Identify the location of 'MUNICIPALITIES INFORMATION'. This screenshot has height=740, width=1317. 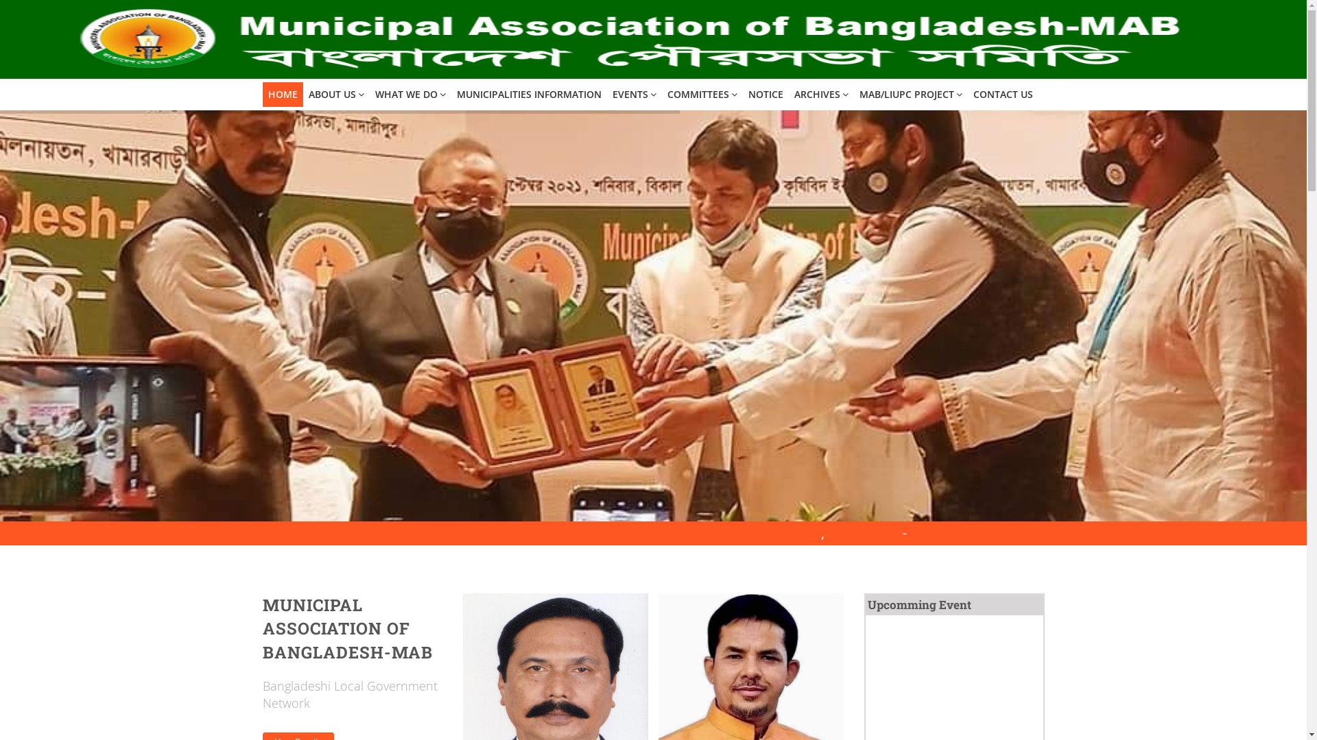
(451, 94).